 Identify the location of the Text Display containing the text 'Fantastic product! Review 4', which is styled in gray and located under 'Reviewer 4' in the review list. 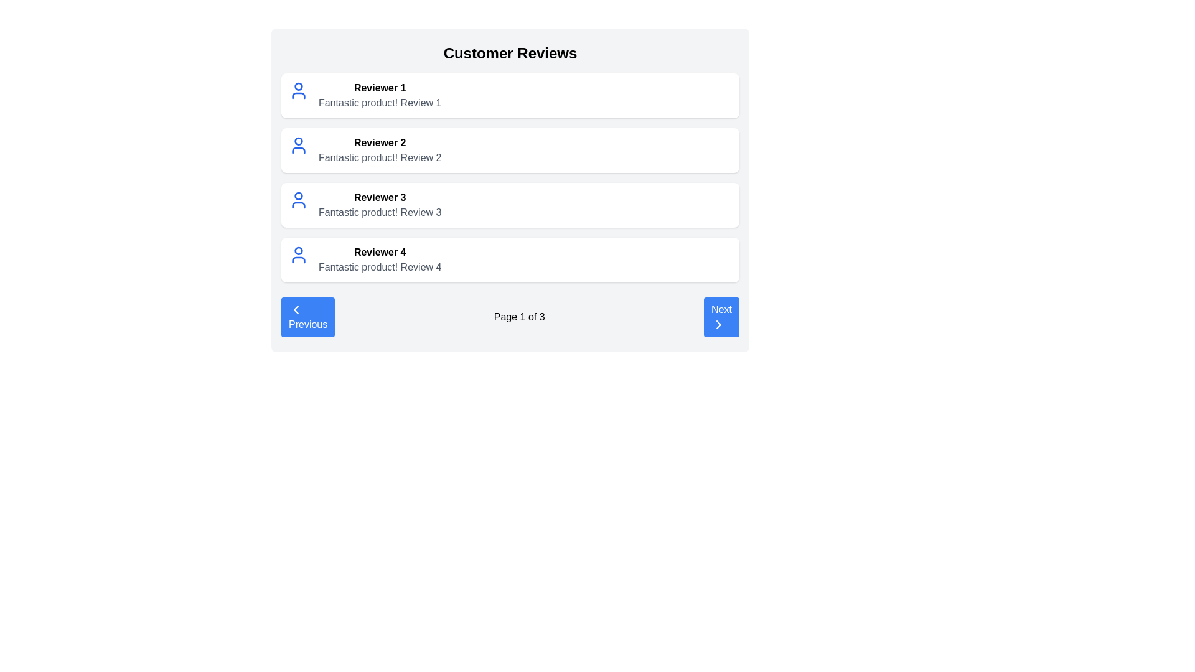
(379, 266).